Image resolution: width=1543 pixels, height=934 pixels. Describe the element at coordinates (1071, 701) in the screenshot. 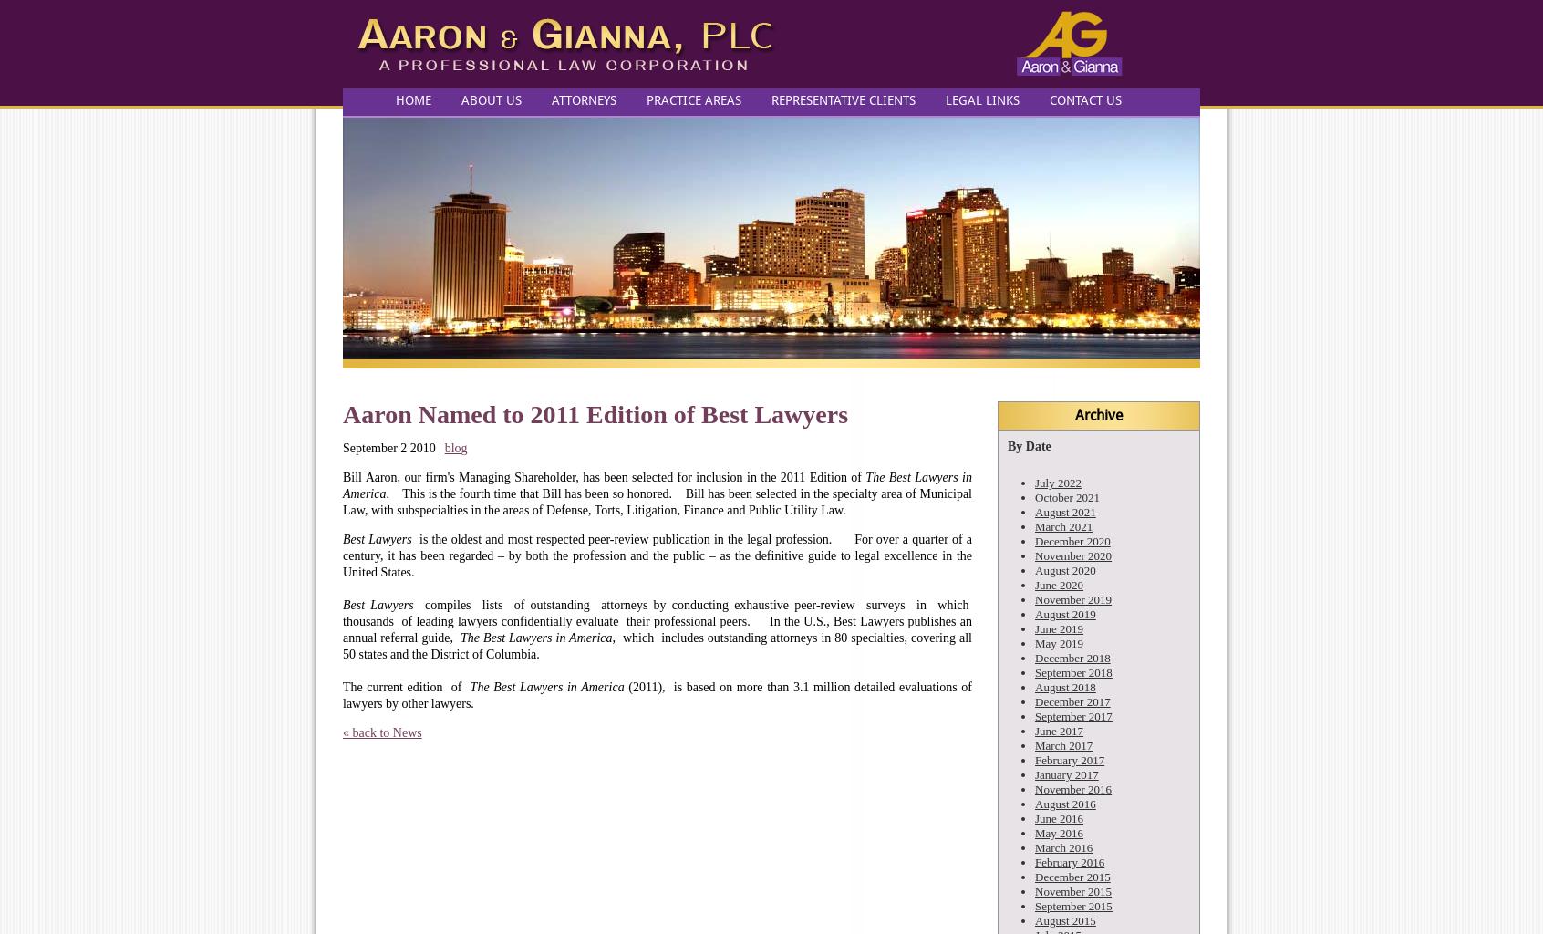

I see `'December 2017'` at that location.